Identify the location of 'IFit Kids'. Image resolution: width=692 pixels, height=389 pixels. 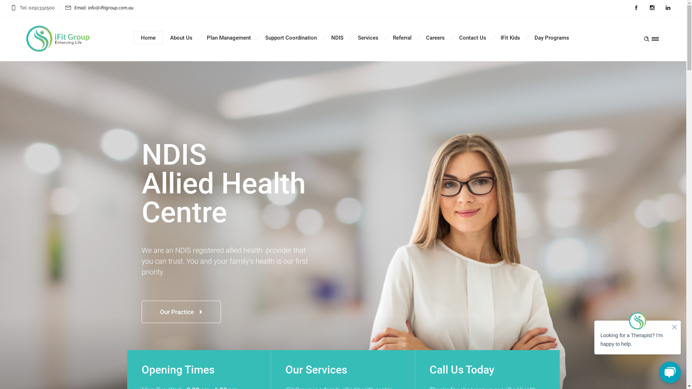
(510, 37).